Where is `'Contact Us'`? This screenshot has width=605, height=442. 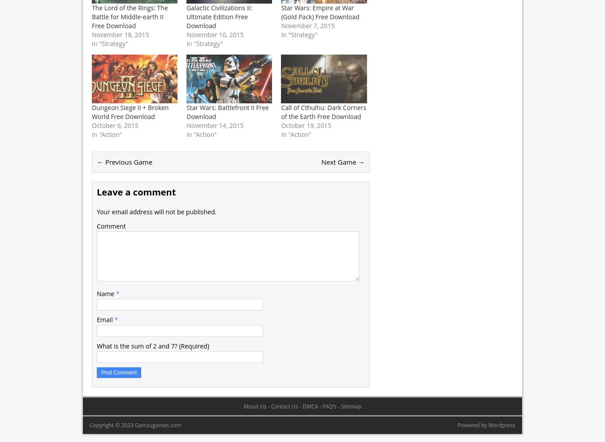
'Contact Us' is located at coordinates (284, 405).